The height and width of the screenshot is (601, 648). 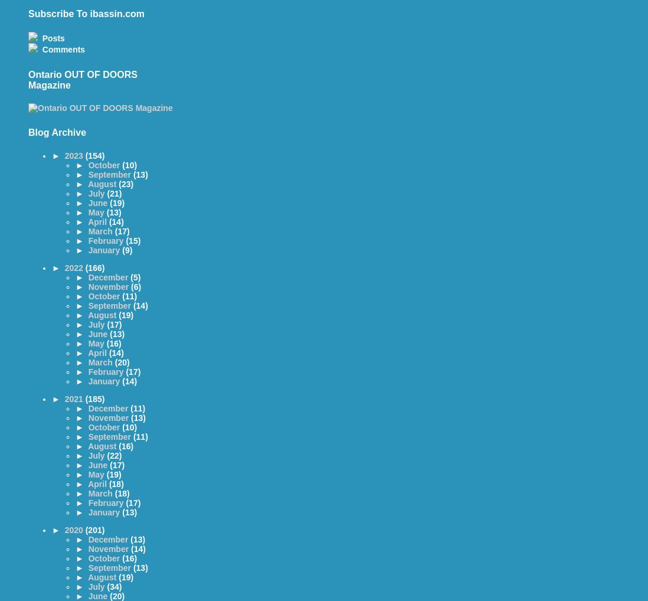 I want to click on '(34)', so click(x=113, y=586).